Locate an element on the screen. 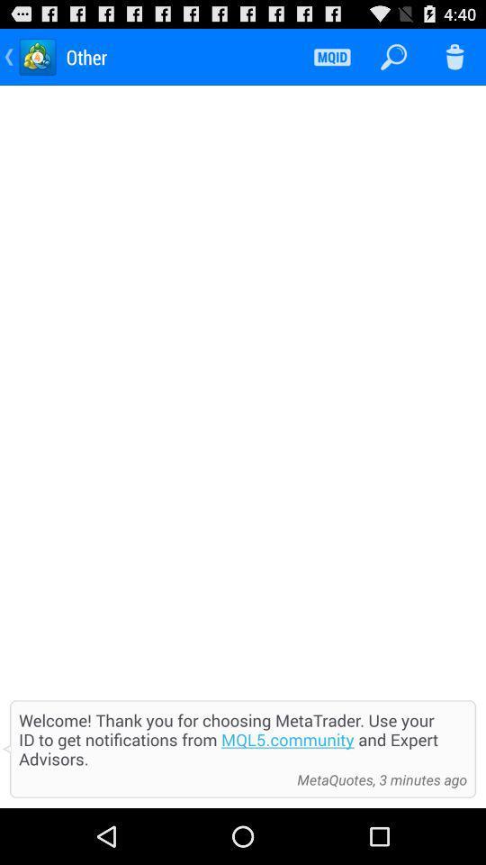 The width and height of the screenshot is (486, 865). welcome thank you item is located at coordinates (243, 739).